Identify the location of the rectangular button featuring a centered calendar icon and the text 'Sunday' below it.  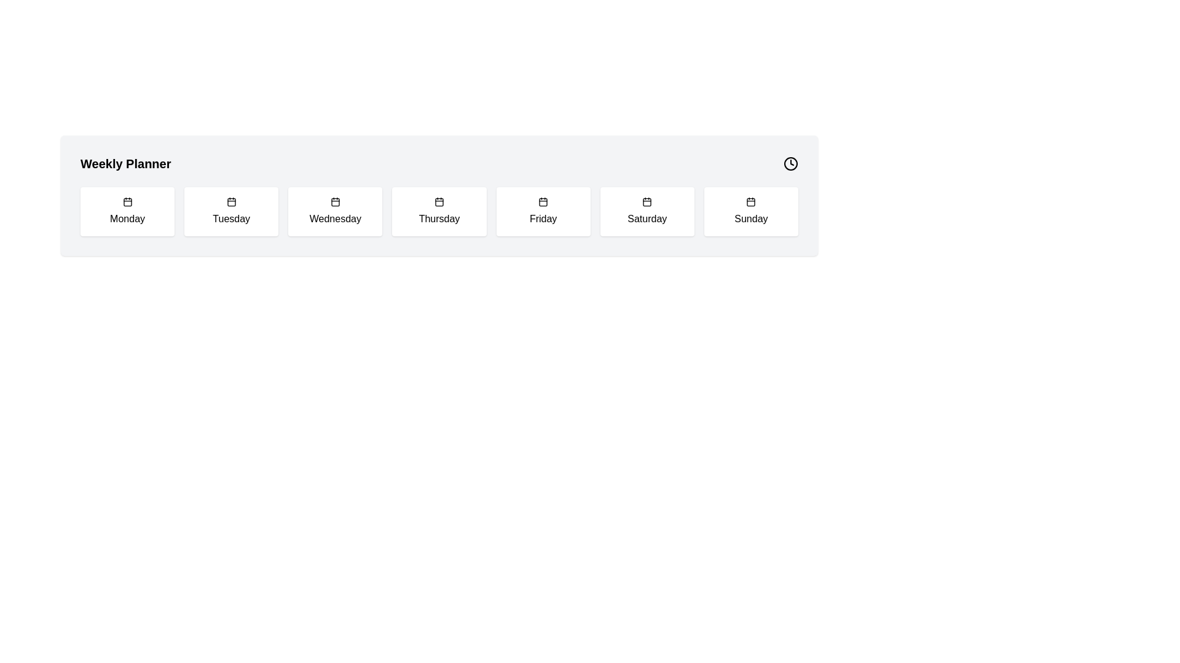
(750, 211).